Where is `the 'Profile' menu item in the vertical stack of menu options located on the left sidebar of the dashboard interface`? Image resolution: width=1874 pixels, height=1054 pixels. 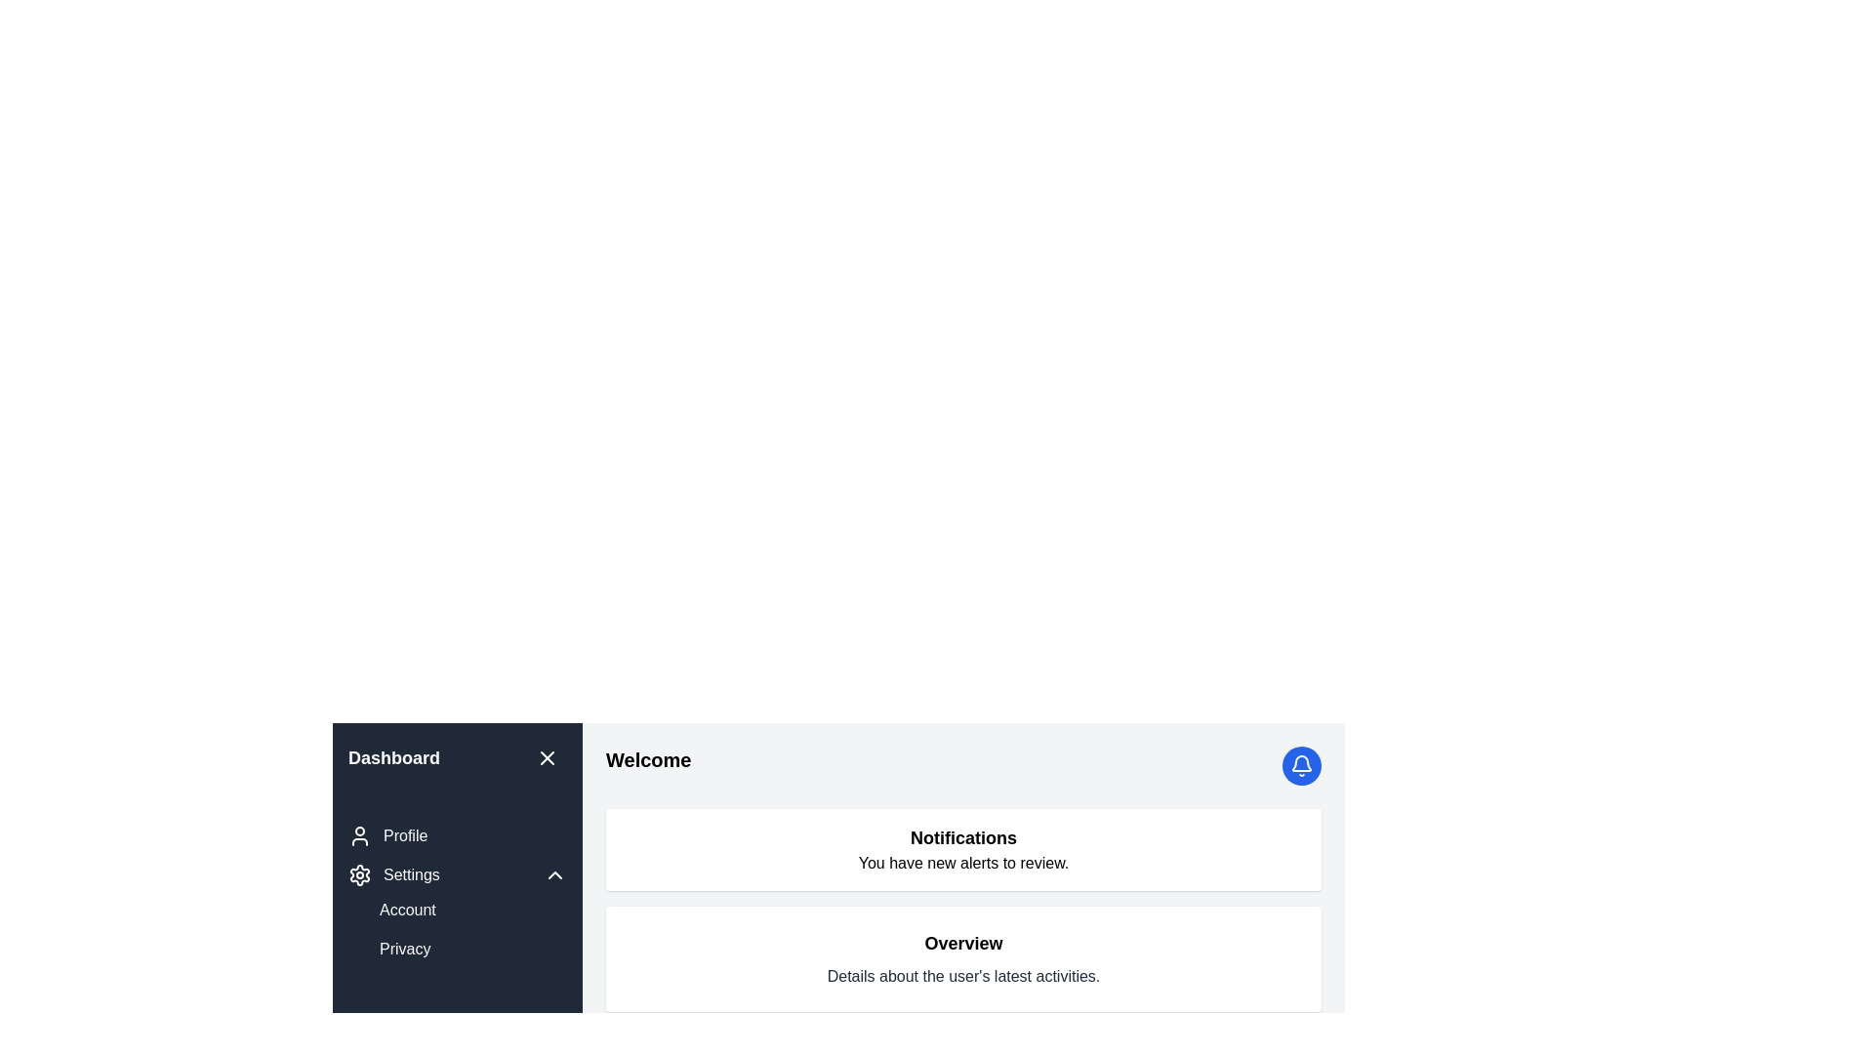
the 'Profile' menu item in the vertical stack of menu options located on the left sidebar of the dashboard interface is located at coordinates (457, 891).